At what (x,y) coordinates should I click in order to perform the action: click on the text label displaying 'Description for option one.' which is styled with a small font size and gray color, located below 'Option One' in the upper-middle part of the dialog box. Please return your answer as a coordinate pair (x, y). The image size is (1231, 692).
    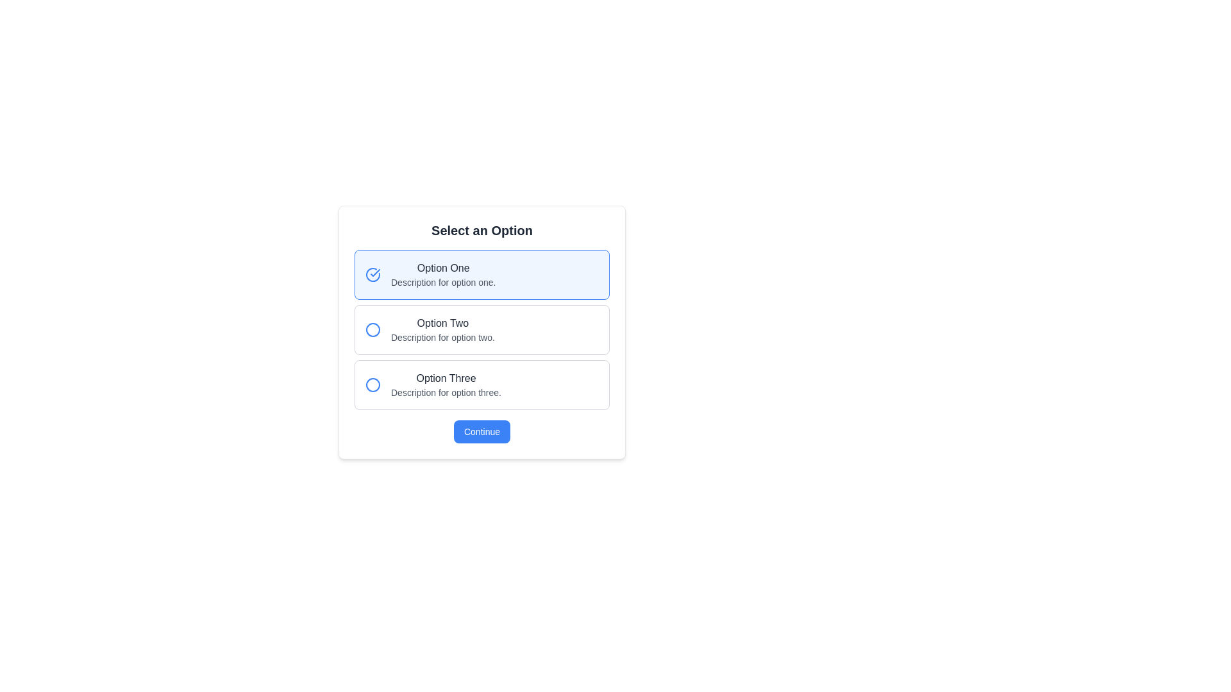
    Looking at the image, I should click on (443, 281).